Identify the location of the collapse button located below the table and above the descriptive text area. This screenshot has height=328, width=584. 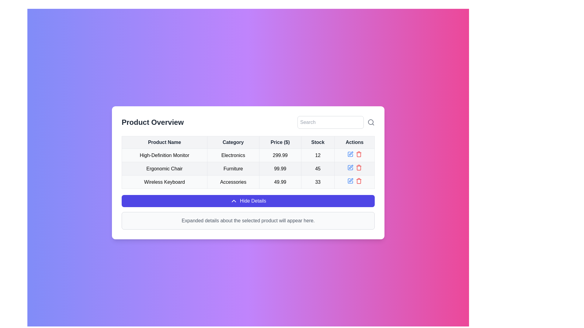
(248, 201).